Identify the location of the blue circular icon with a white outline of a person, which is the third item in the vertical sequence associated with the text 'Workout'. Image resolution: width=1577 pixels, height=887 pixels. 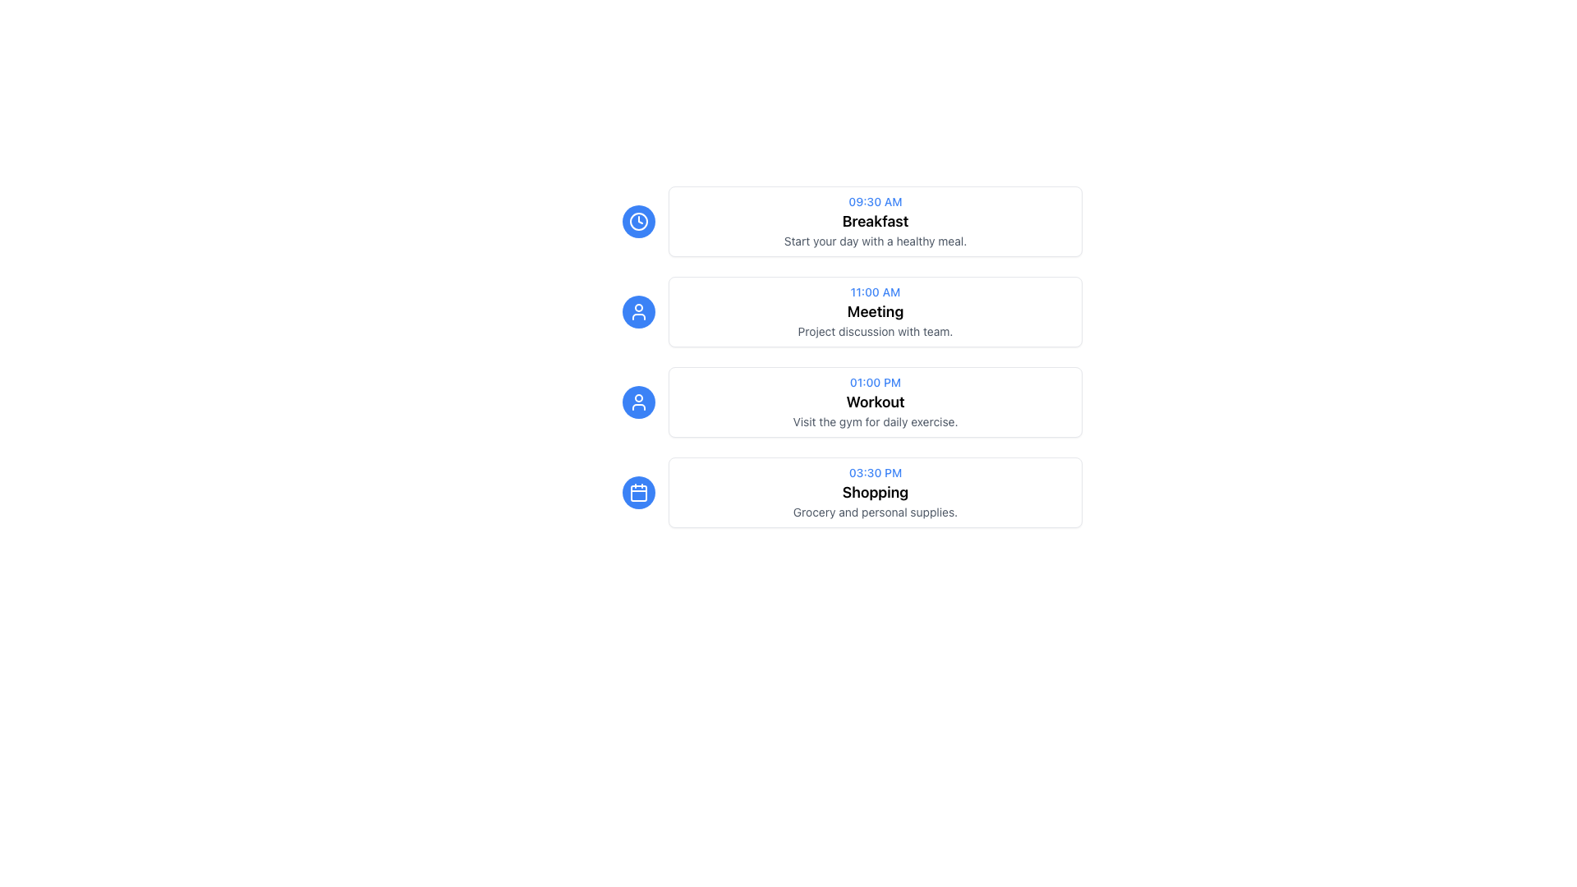
(637, 402).